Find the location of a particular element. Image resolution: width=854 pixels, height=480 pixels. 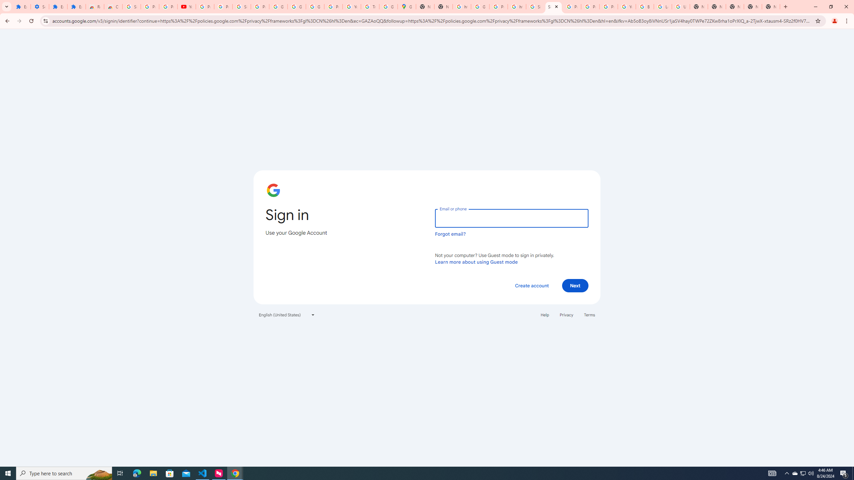

'Help' is located at coordinates (544, 314).